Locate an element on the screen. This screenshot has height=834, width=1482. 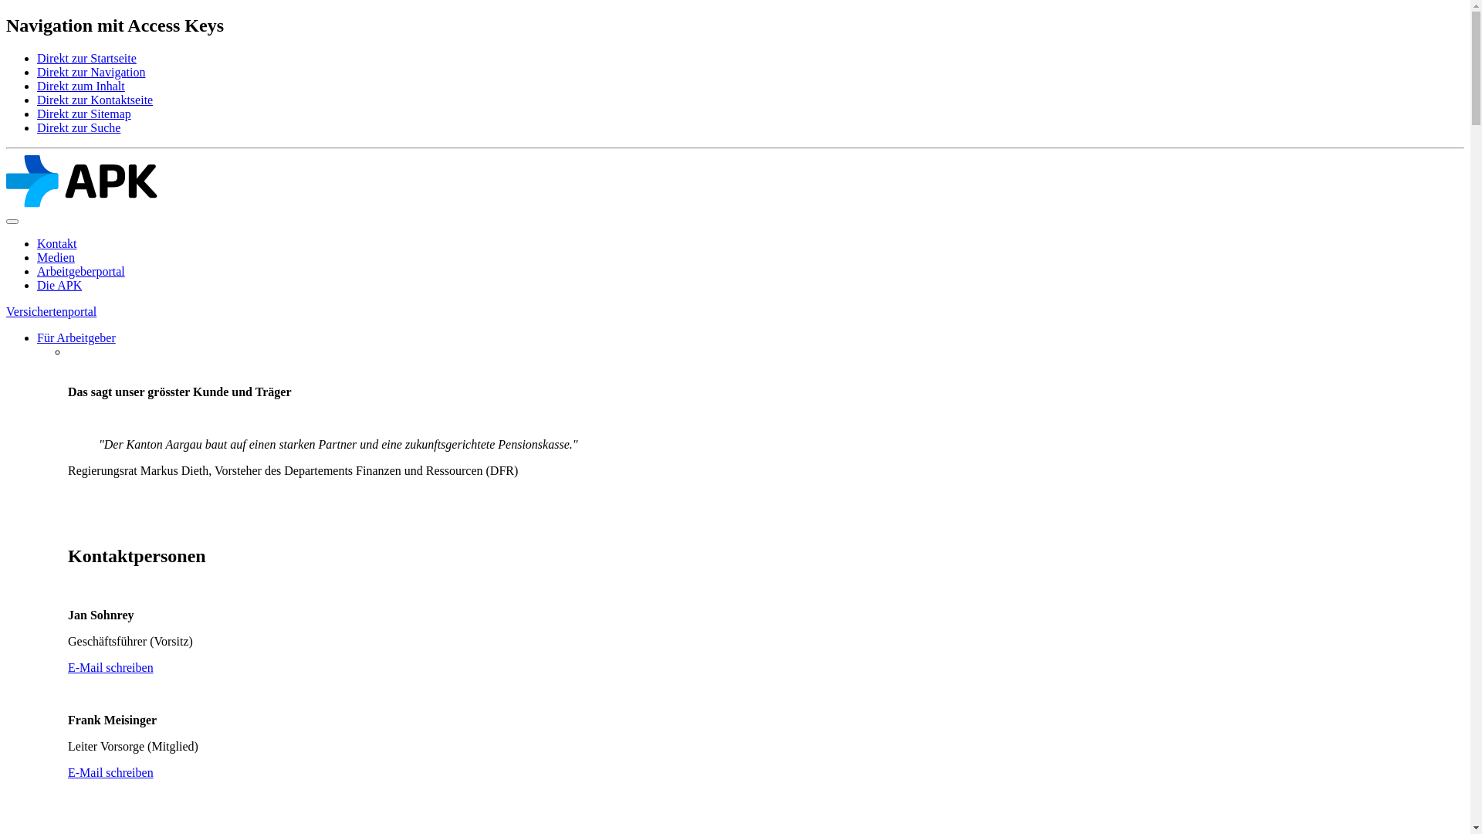
'Medien' is located at coordinates (56, 256).